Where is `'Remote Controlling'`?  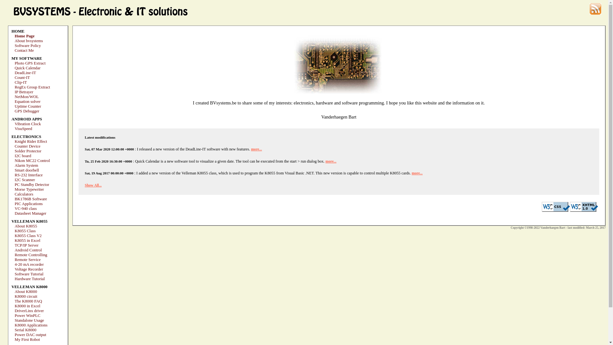
'Remote Controlling' is located at coordinates (30, 255).